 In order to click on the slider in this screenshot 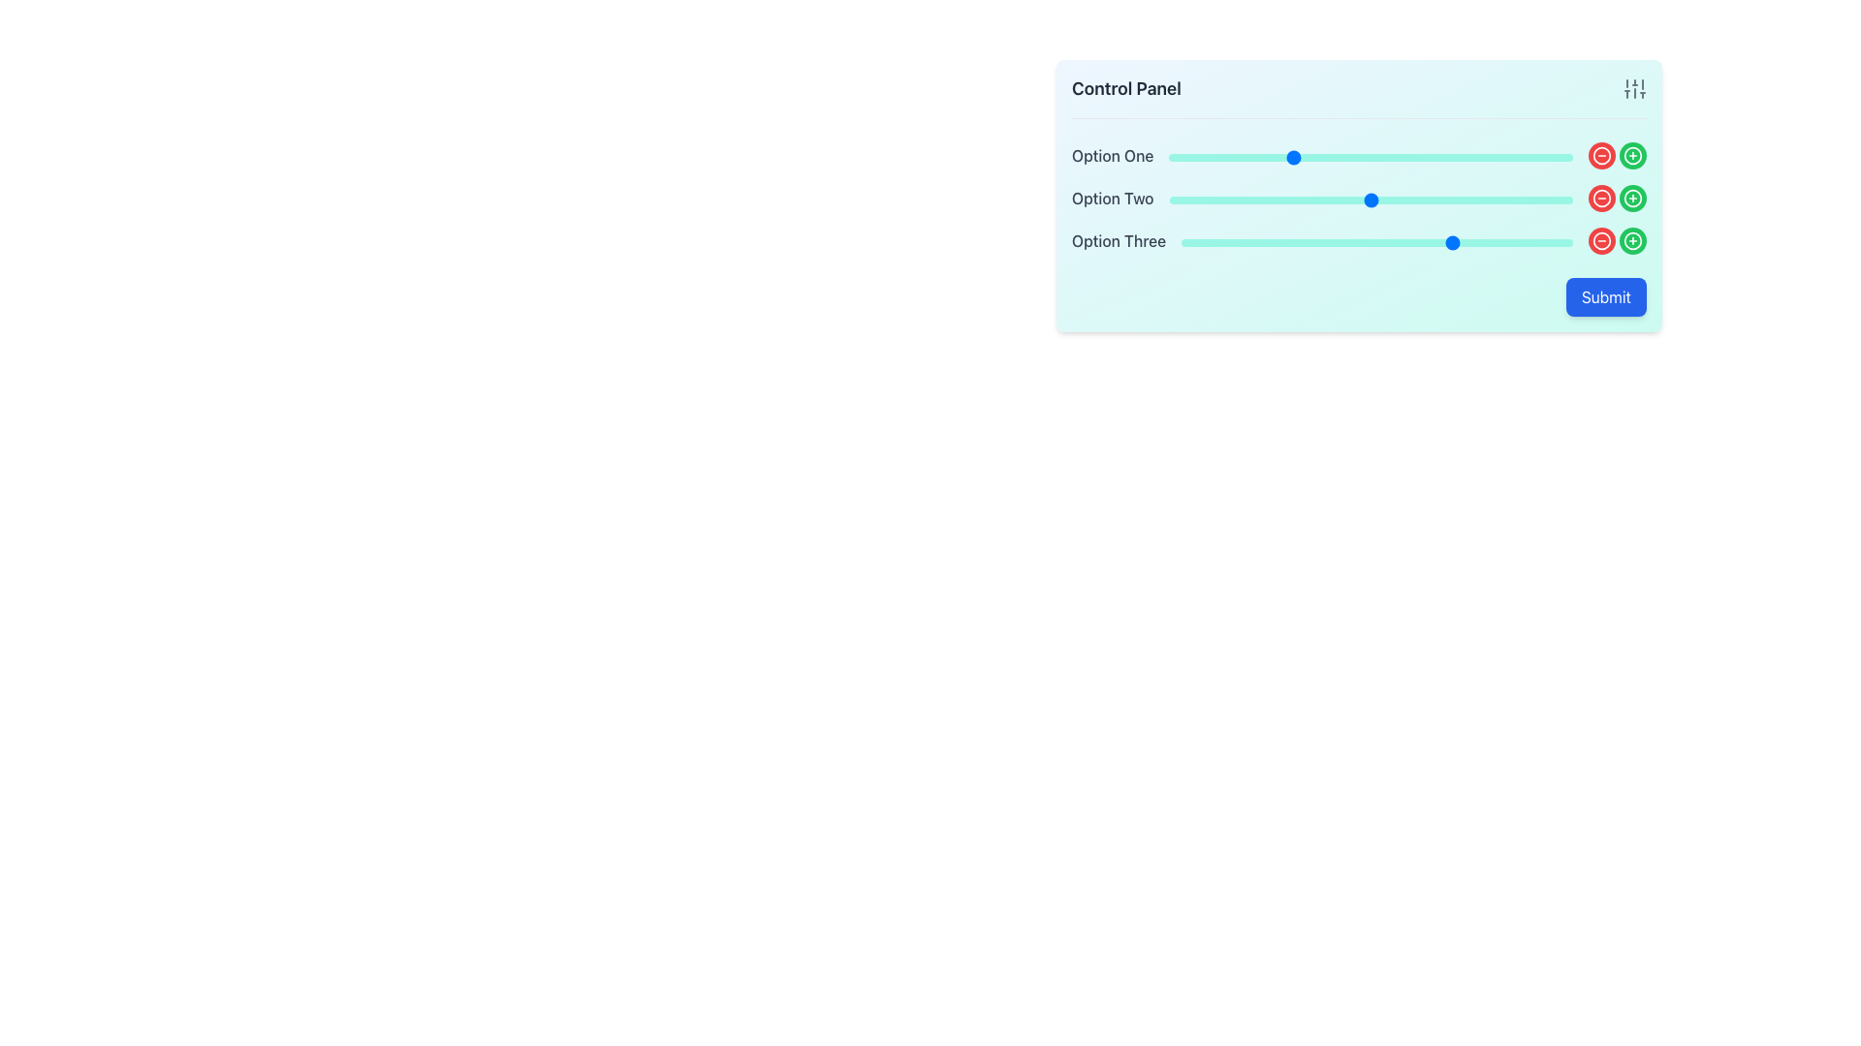, I will do `click(1278, 200)`.